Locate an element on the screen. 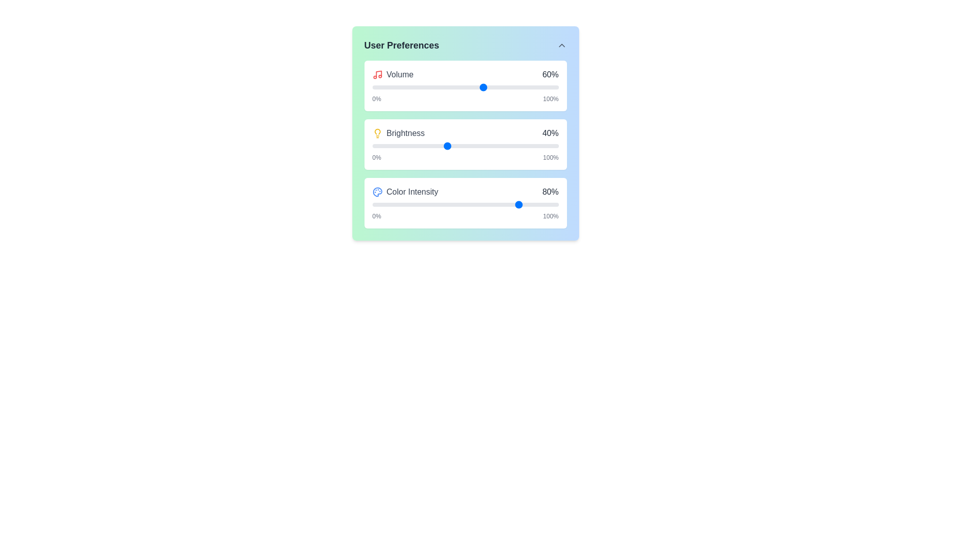 The height and width of the screenshot is (546, 972). the label with an icon that indicates the volume setting adjustment, located in the upper-left section of the 'User Preferences' card is located at coordinates (392, 74).